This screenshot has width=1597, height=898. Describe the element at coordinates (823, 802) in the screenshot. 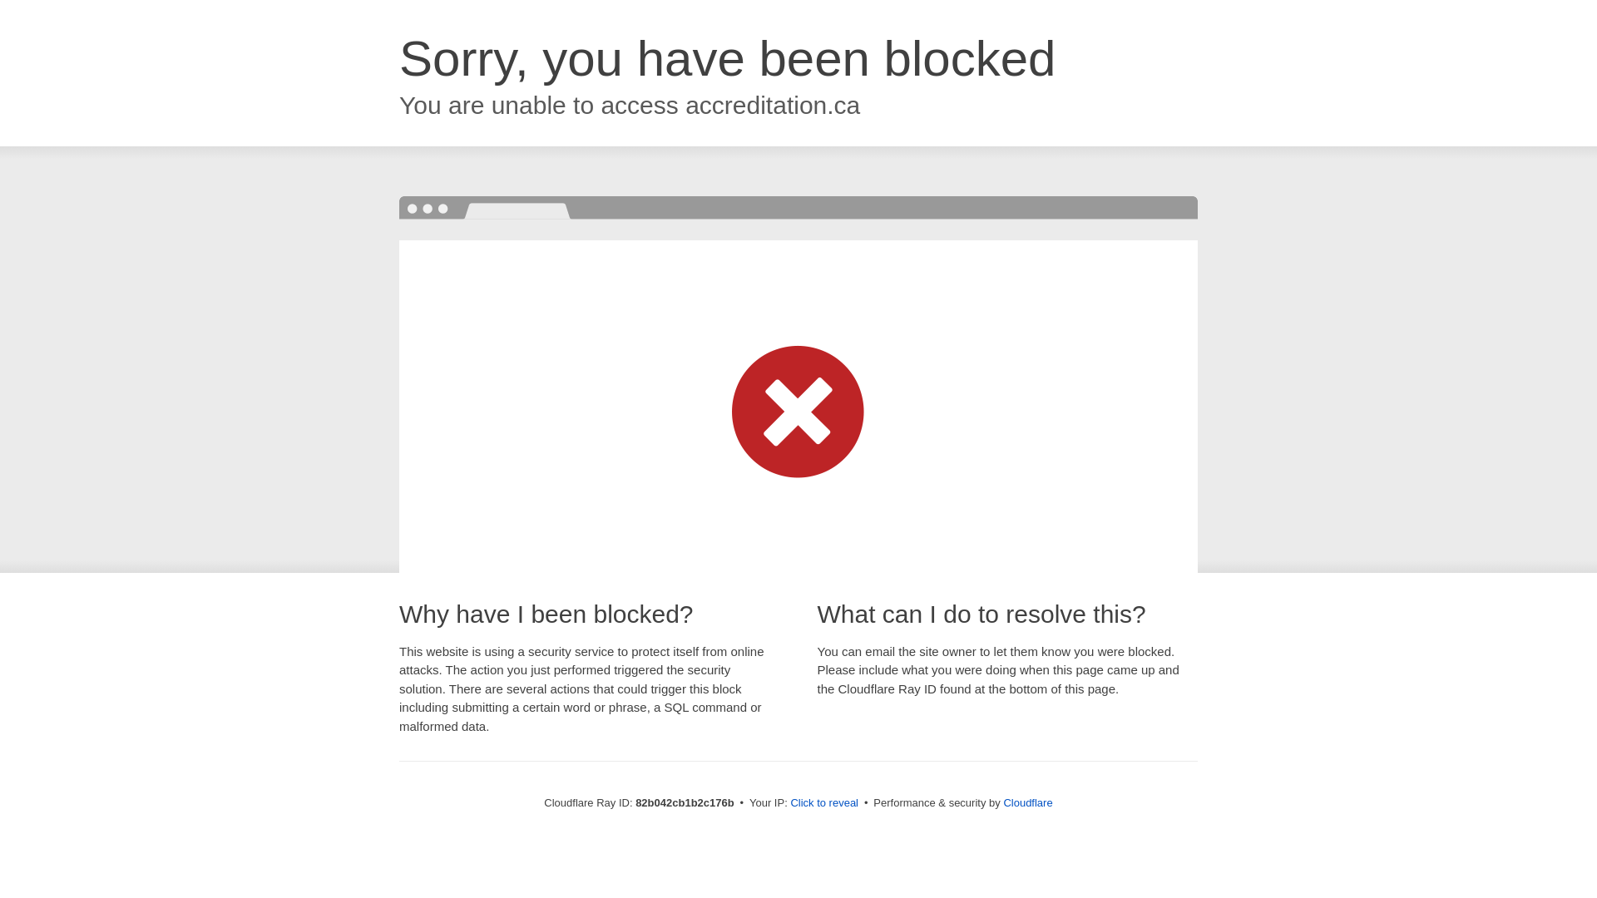

I see `'Click to reveal'` at that location.